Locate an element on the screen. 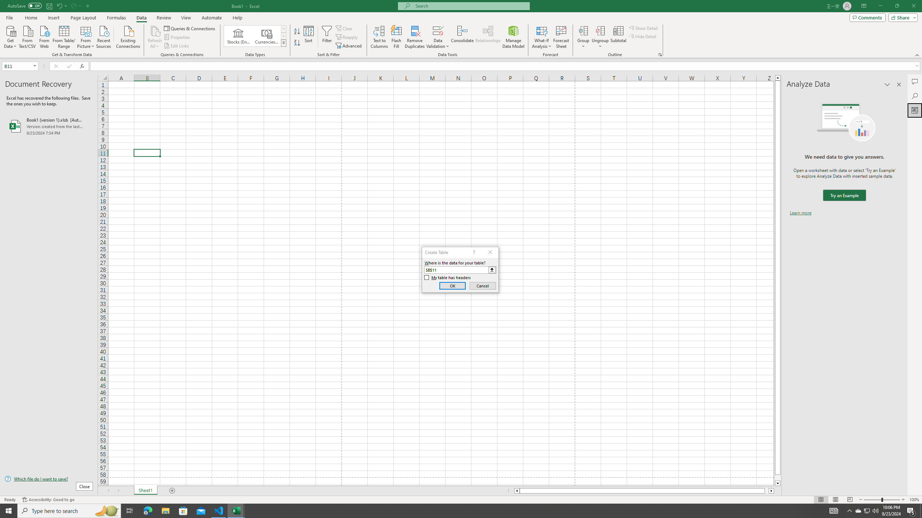 The width and height of the screenshot is (922, 518). 'Recent Sources' is located at coordinates (104, 36).